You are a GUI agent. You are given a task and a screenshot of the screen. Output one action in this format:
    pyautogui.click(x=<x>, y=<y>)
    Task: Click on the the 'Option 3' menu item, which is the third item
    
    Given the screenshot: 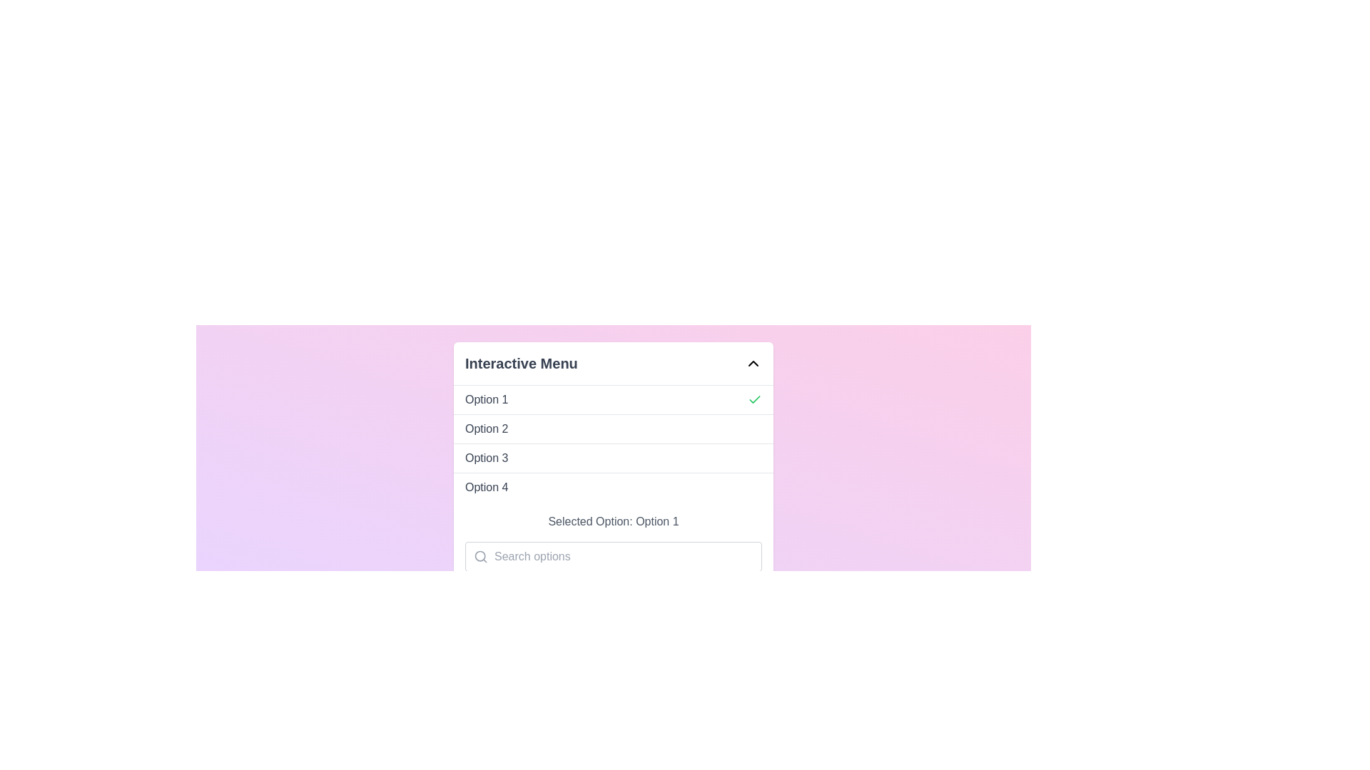 What is the action you would take?
    pyautogui.click(x=613, y=458)
    